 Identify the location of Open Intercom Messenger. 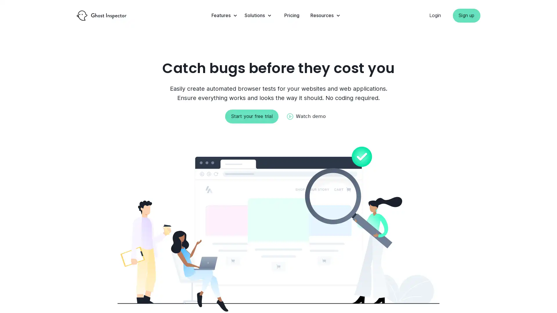
(542, 298).